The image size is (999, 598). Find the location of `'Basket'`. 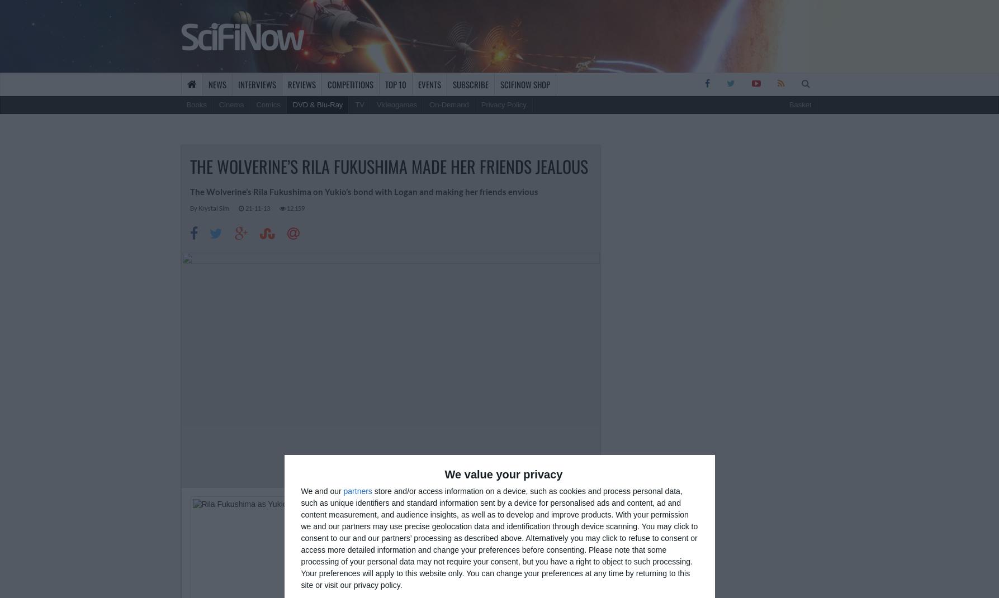

'Basket' is located at coordinates (788, 104).